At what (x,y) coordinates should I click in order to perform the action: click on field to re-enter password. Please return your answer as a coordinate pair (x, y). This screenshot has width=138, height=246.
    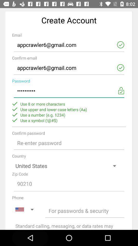
    Looking at the image, I should click on (69, 143).